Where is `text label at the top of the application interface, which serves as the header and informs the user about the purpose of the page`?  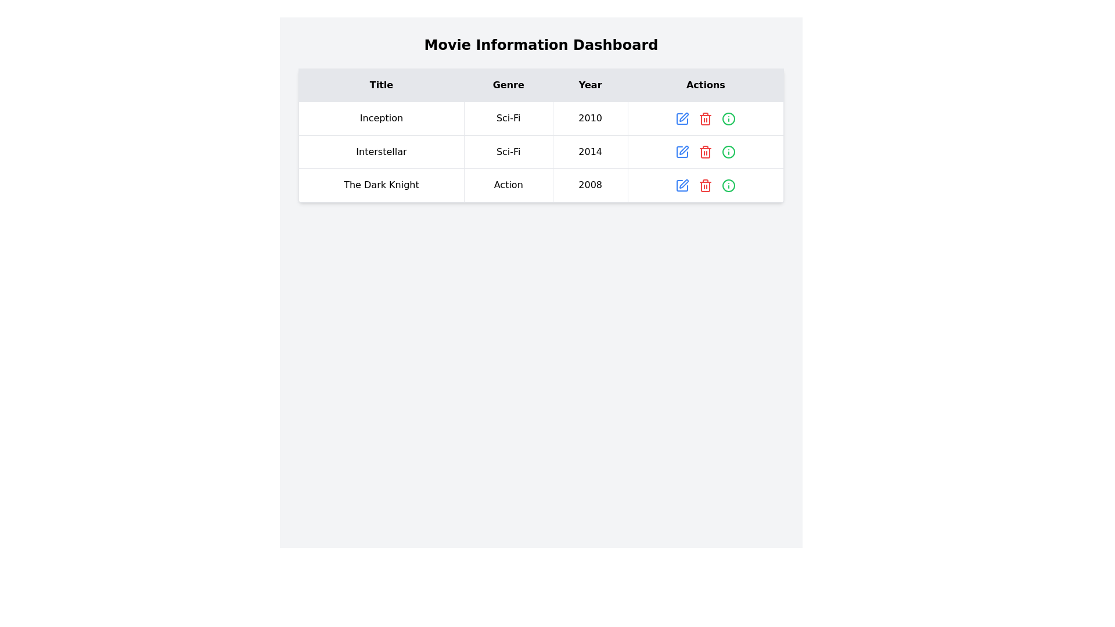 text label at the top of the application interface, which serves as the header and informs the user about the purpose of the page is located at coordinates (540, 44).